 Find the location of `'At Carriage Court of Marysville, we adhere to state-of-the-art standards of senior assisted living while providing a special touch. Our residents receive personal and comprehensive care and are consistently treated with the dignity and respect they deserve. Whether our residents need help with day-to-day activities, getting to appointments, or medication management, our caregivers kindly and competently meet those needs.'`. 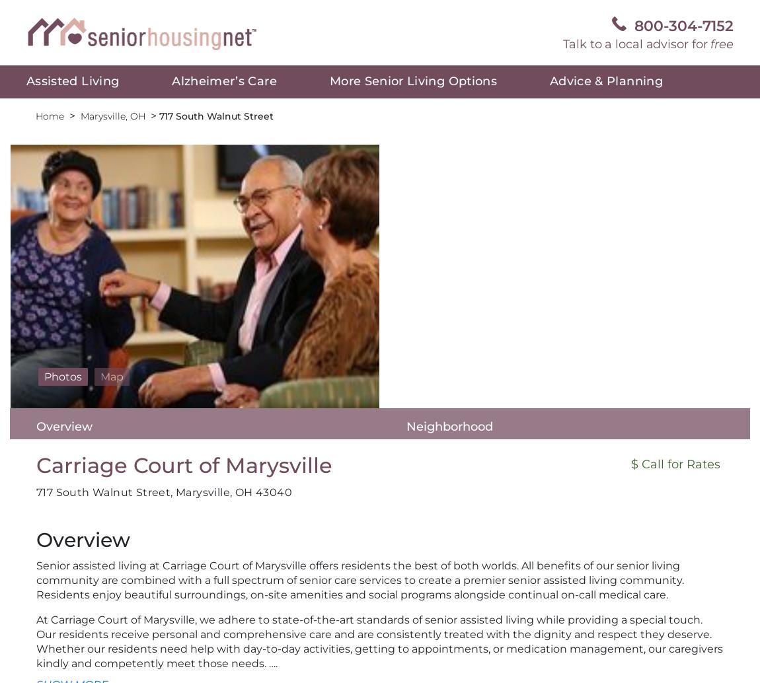

'At Carriage Court of Marysville, we adhere to state-of-the-art standards of senior assisted living while providing a special touch. Our residents receive personal and comprehensive care and are consistently treated with the dignity and respect they deserve. Whether our residents need help with day-to-day activities, getting to appointments, or medication management, our caregivers kindly and competently meet those needs.' is located at coordinates (379, 641).